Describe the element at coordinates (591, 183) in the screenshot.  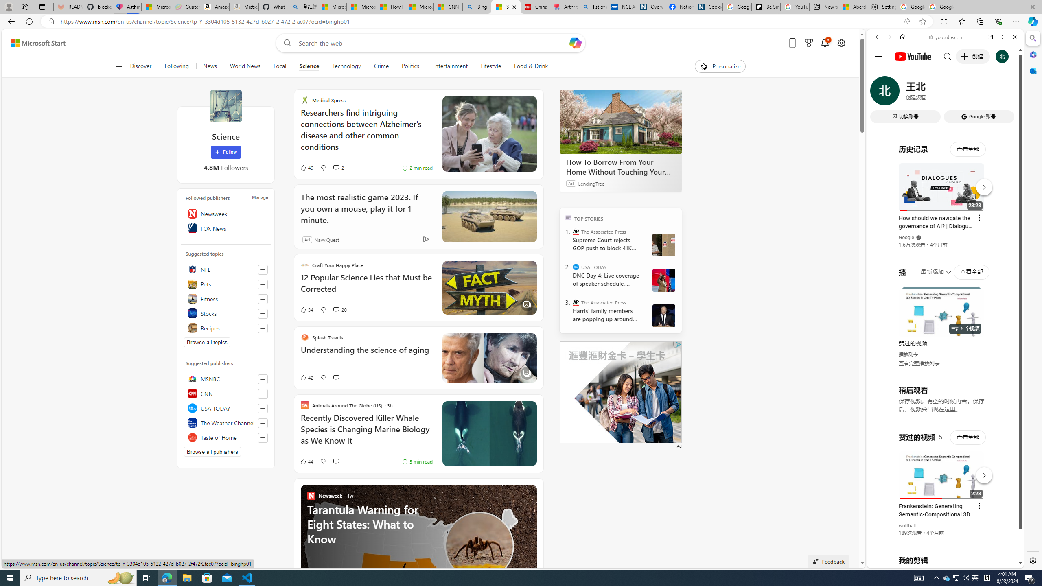
I see `'LendingTree'` at that location.